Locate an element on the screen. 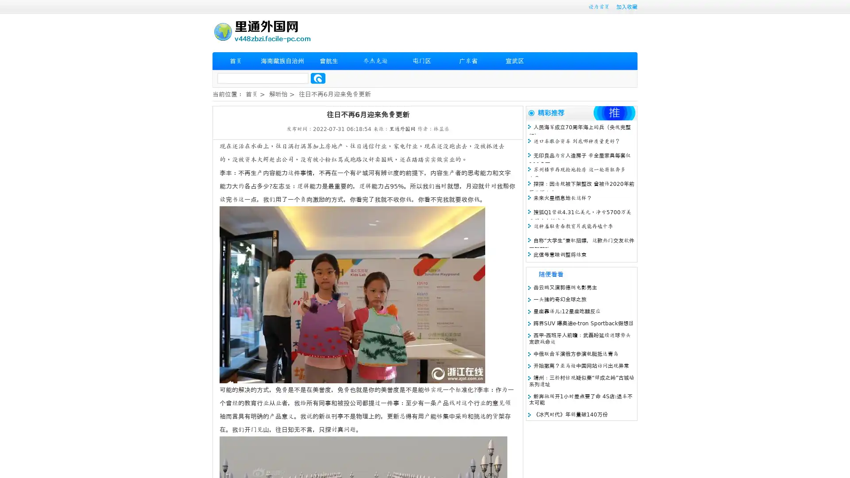 Image resolution: width=850 pixels, height=478 pixels. Search is located at coordinates (318, 78).